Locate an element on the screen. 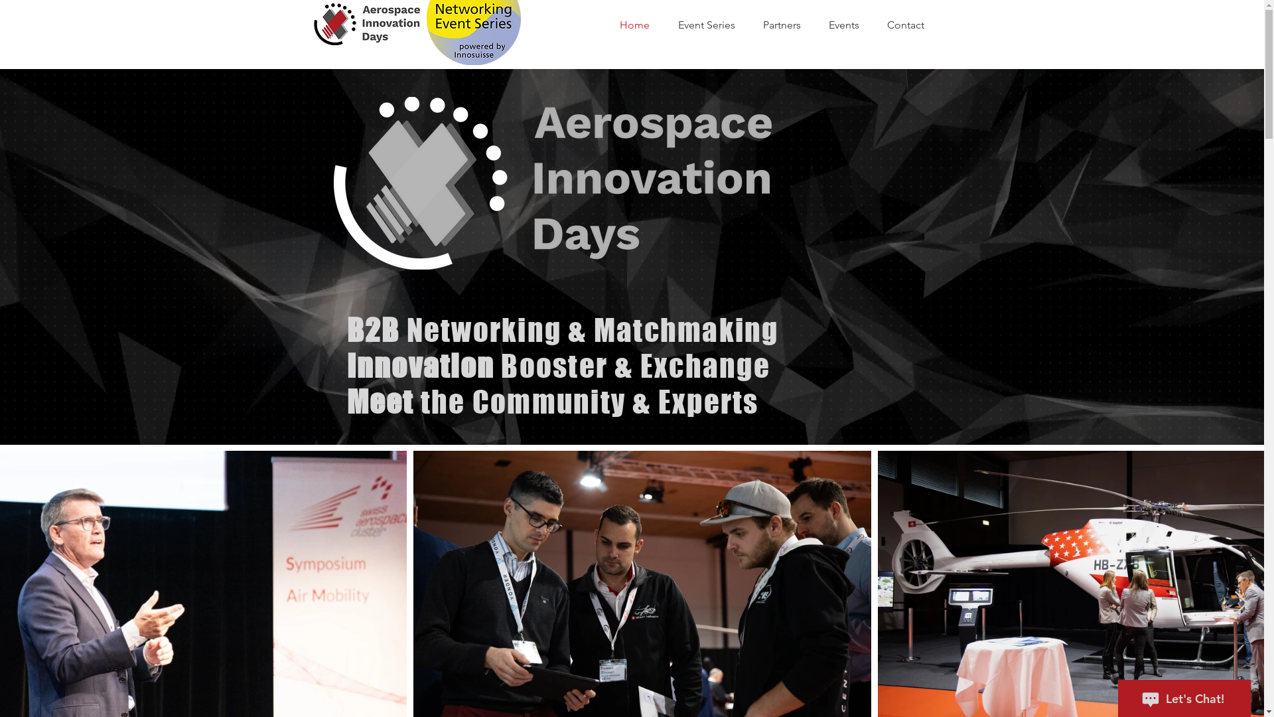  'Home' is located at coordinates (642, 25).